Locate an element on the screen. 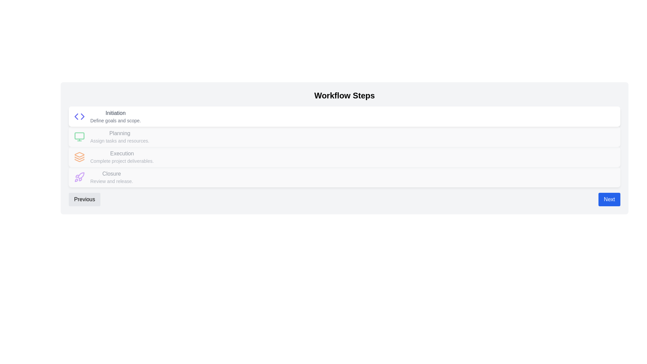 The image size is (647, 364). the 'Planning' phase list item in the workflow overview is located at coordinates (344, 136).